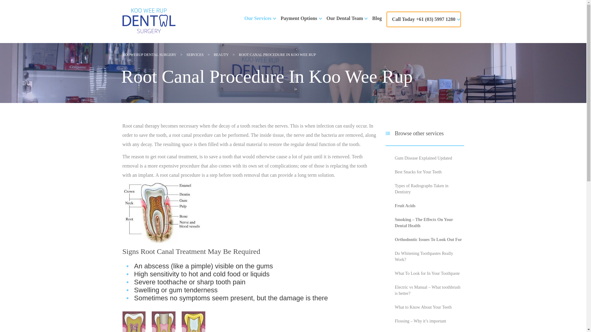  What do you see at coordinates (423, 158) in the screenshot?
I see `'Gum Disease Explained Updated'` at bounding box center [423, 158].